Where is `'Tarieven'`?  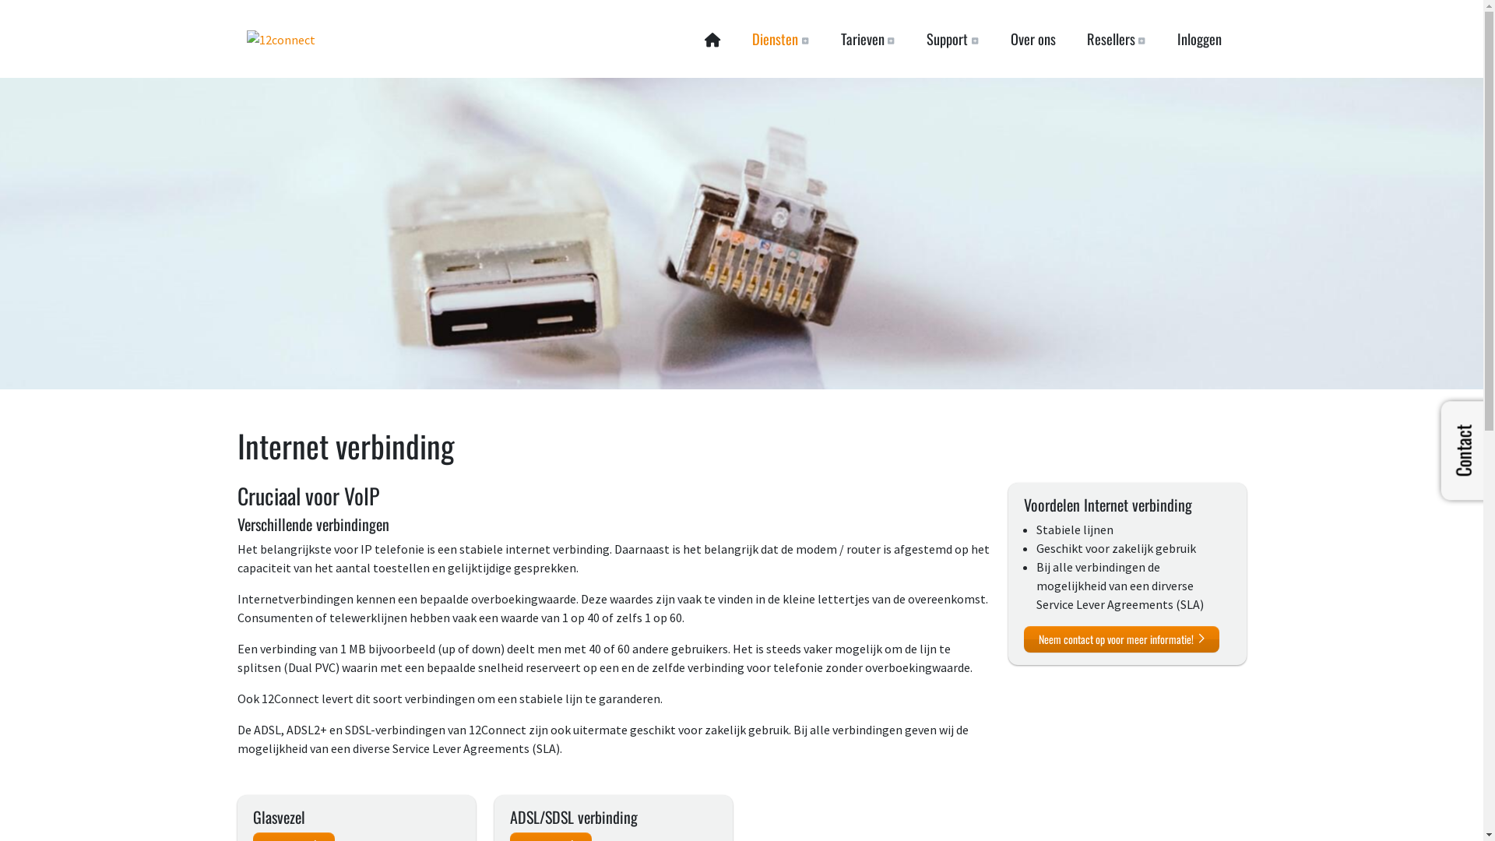 'Tarieven' is located at coordinates (866, 38).